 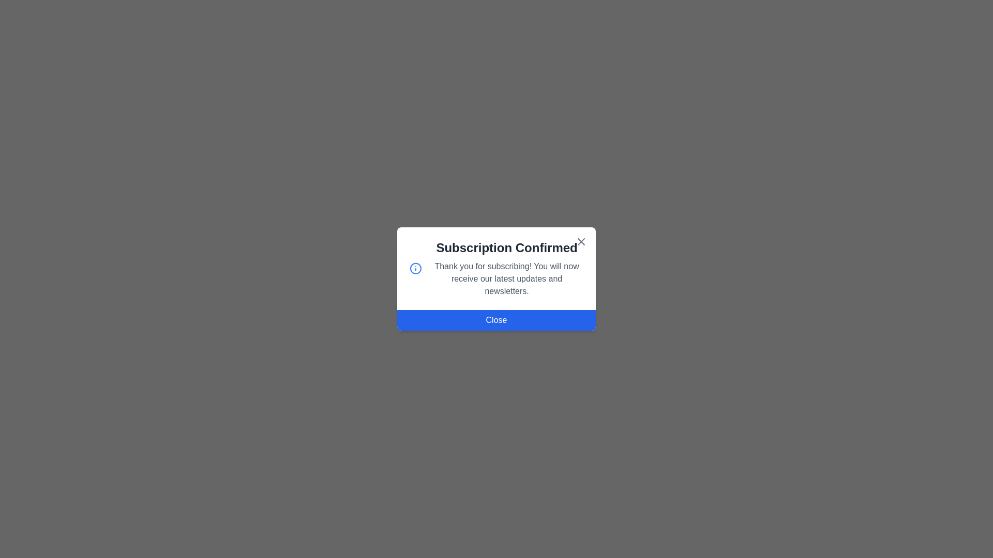 What do you see at coordinates (496, 320) in the screenshot?
I see `'Close' button to dismiss the dialog` at bounding box center [496, 320].